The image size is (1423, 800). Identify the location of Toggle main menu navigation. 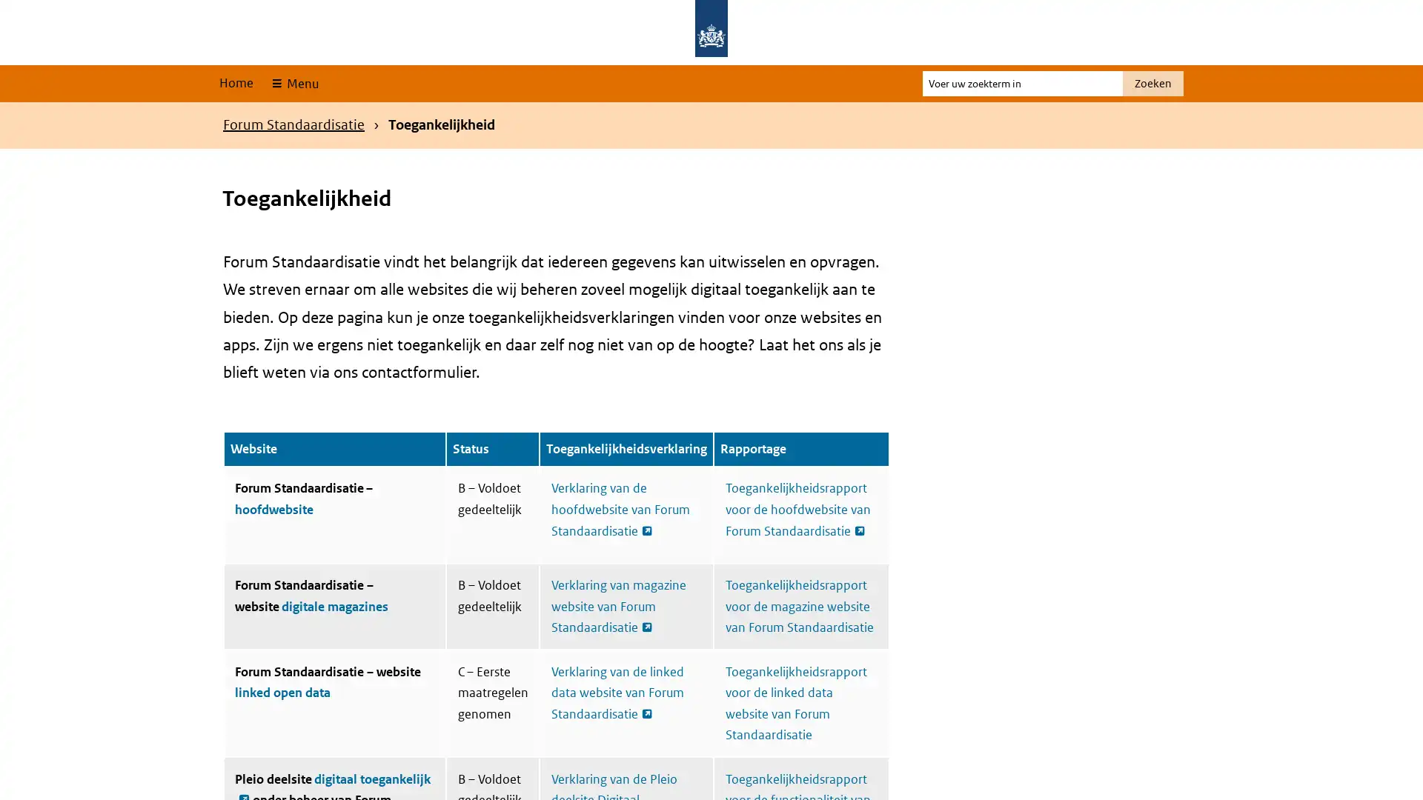
(293, 83).